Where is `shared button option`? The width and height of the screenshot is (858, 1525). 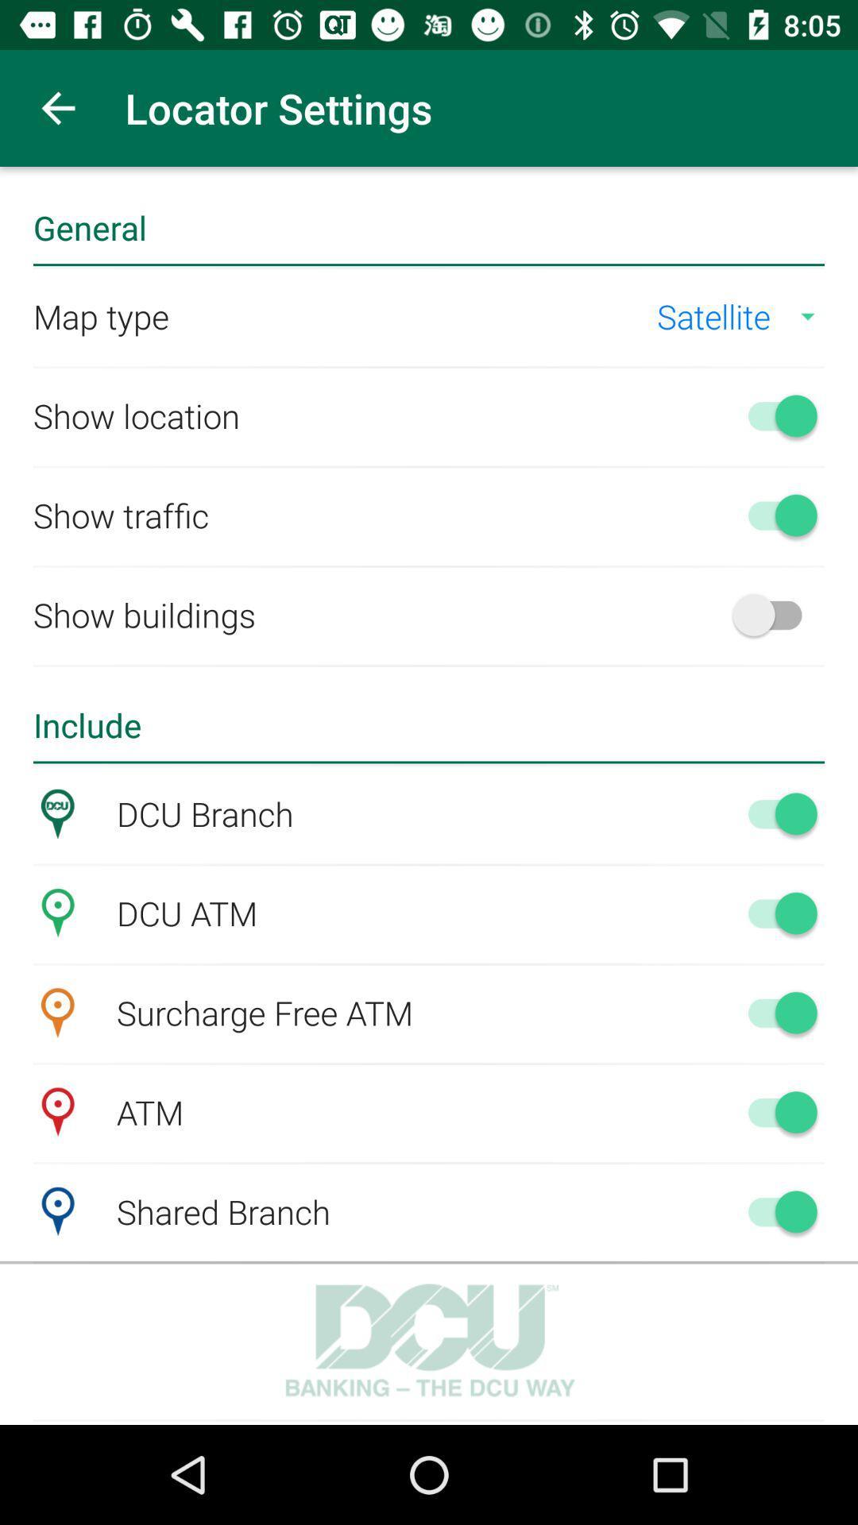
shared button option is located at coordinates (774, 1210).